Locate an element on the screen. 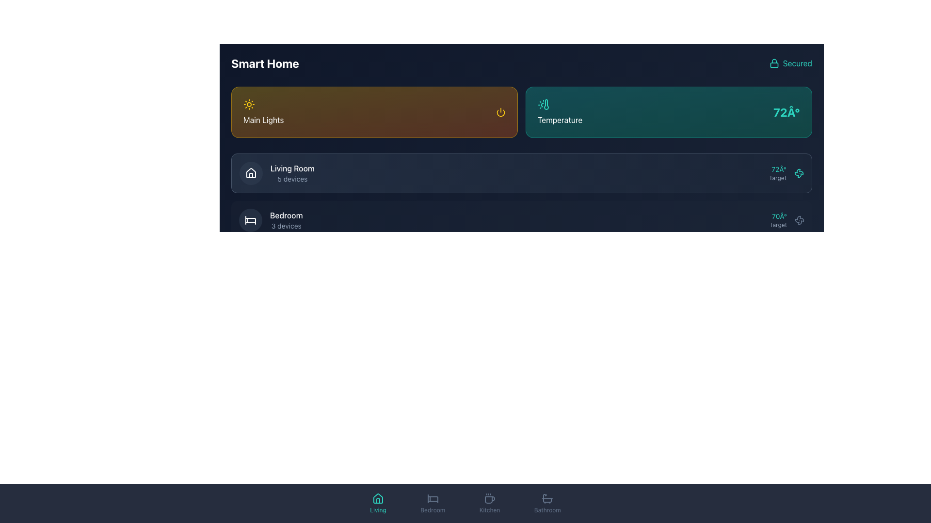 This screenshot has width=931, height=523. the 'Secured' label with a lock icon, which is located in the top-right corner of the 'Smart Home' section of the interface, aligned horizontally with the title 'Smart Home' is located at coordinates (790, 63).